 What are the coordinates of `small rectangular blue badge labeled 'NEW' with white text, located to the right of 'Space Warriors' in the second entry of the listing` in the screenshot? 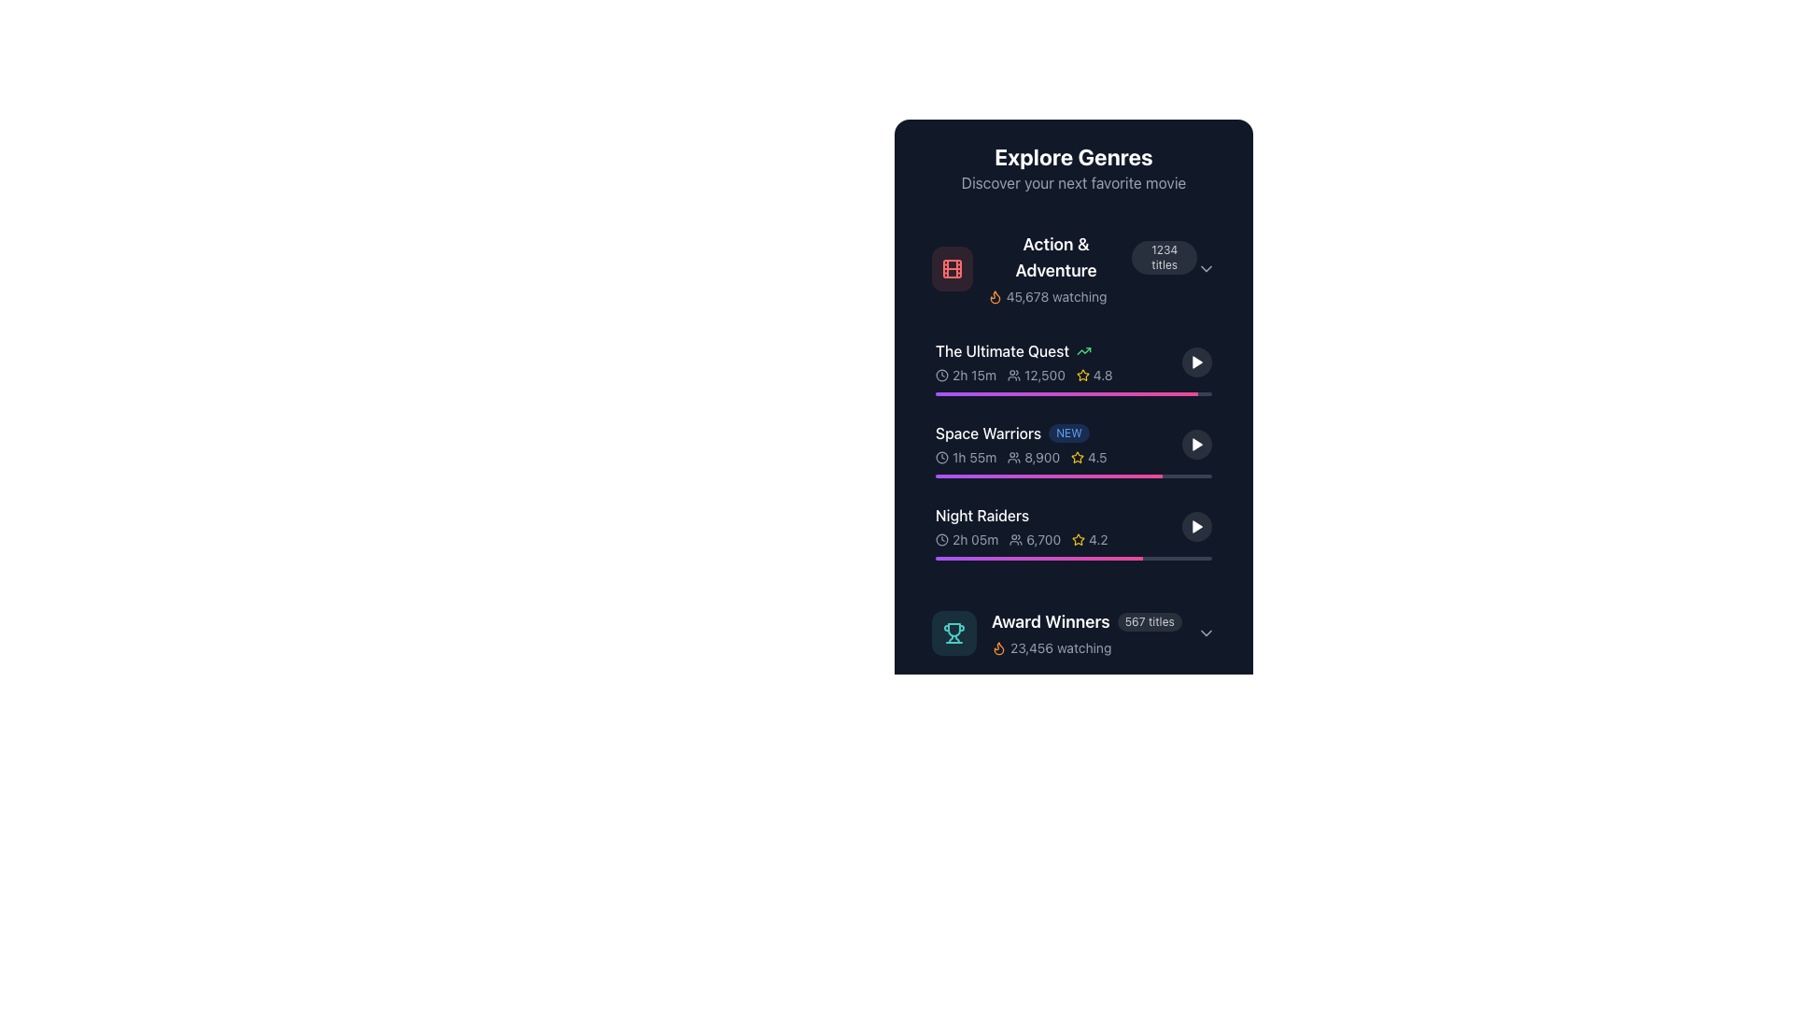 It's located at (1069, 433).